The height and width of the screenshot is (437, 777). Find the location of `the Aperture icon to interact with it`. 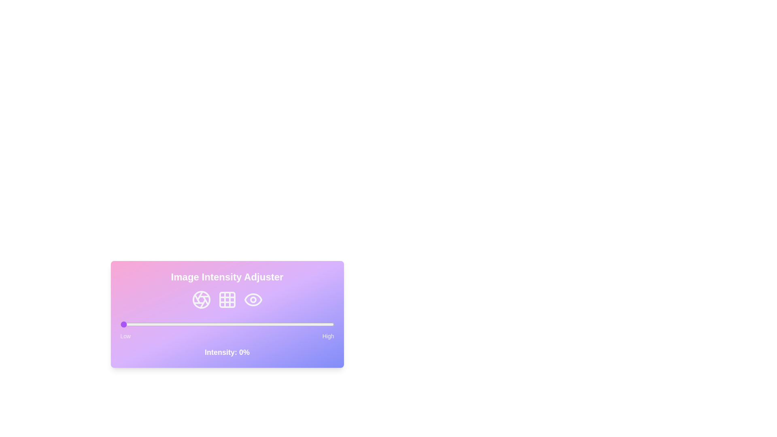

the Aperture icon to interact with it is located at coordinates (201, 299).